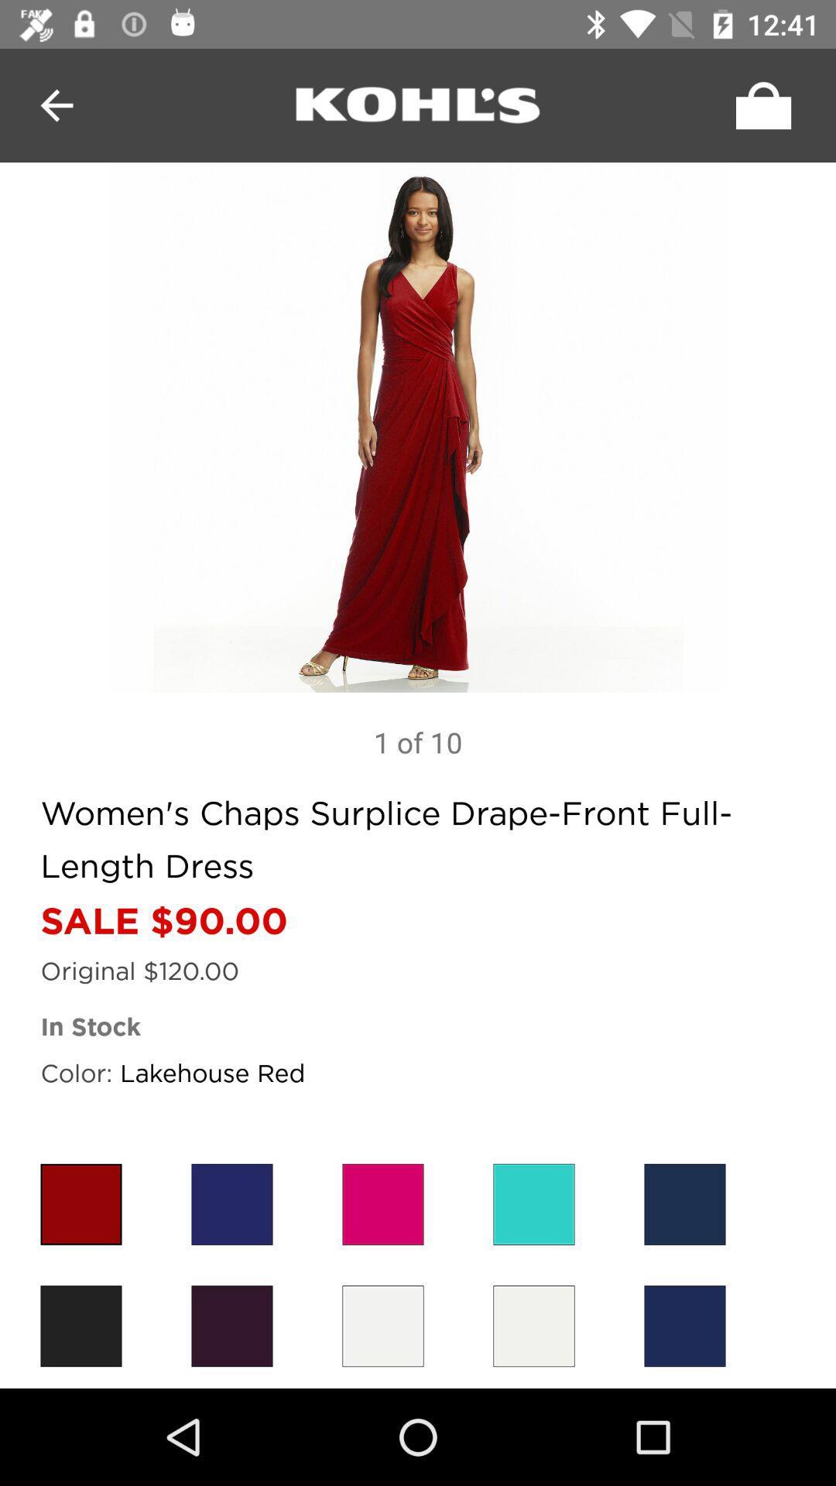 The height and width of the screenshot is (1486, 836). Describe the element at coordinates (418, 427) in the screenshot. I see `next image` at that location.